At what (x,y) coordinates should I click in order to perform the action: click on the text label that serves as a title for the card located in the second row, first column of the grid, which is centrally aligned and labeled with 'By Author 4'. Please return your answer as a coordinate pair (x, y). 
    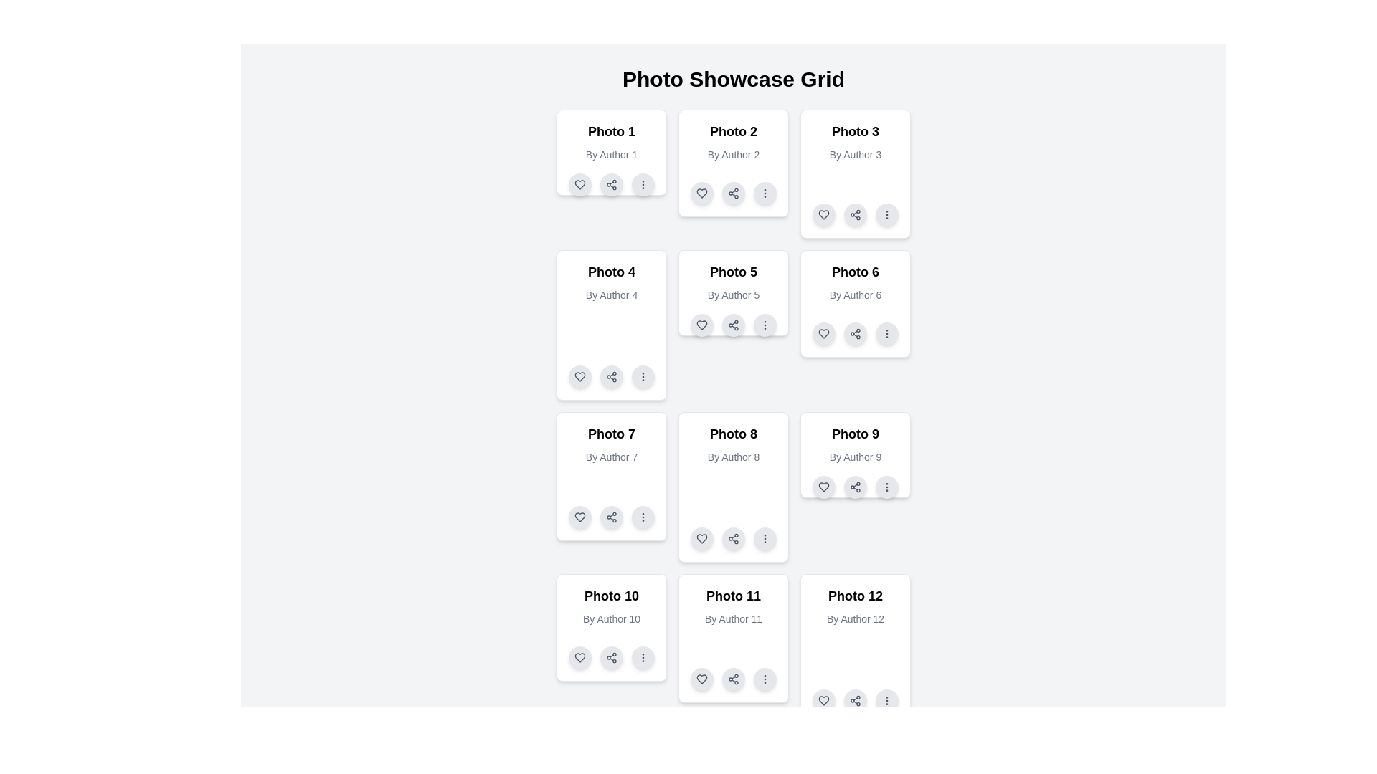
    Looking at the image, I should click on (612, 272).